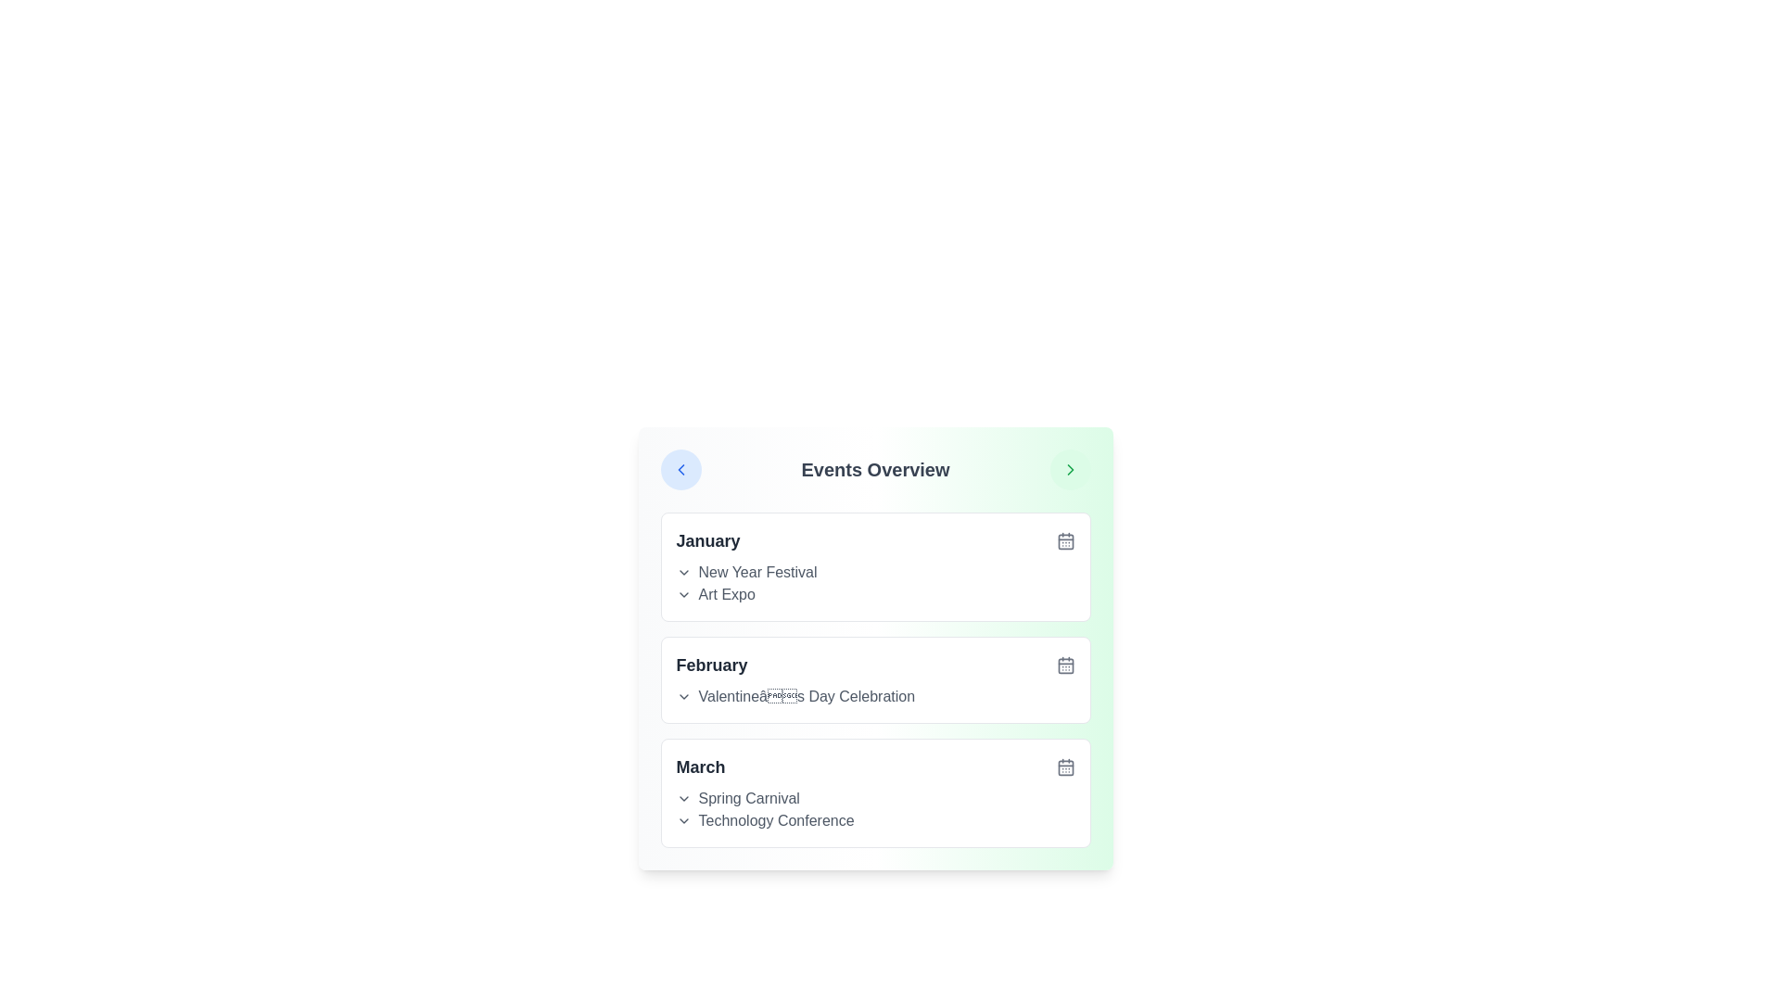  I want to click on the next month button to navigate, so click(1070, 468).